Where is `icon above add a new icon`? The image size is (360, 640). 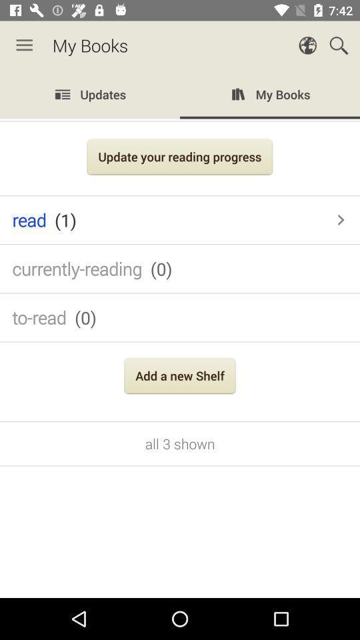
icon above add a new icon is located at coordinates (180, 317).